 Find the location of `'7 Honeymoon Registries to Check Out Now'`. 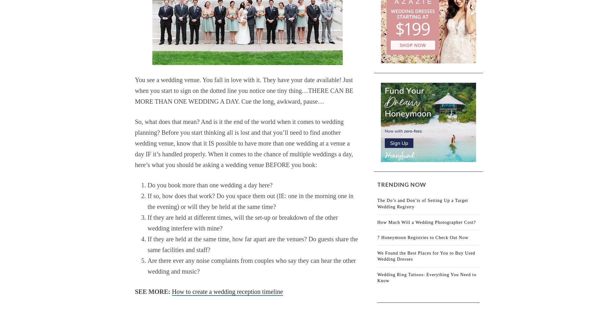

'7 Honeymoon Registries to Check Out Now' is located at coordinates (422, 237).